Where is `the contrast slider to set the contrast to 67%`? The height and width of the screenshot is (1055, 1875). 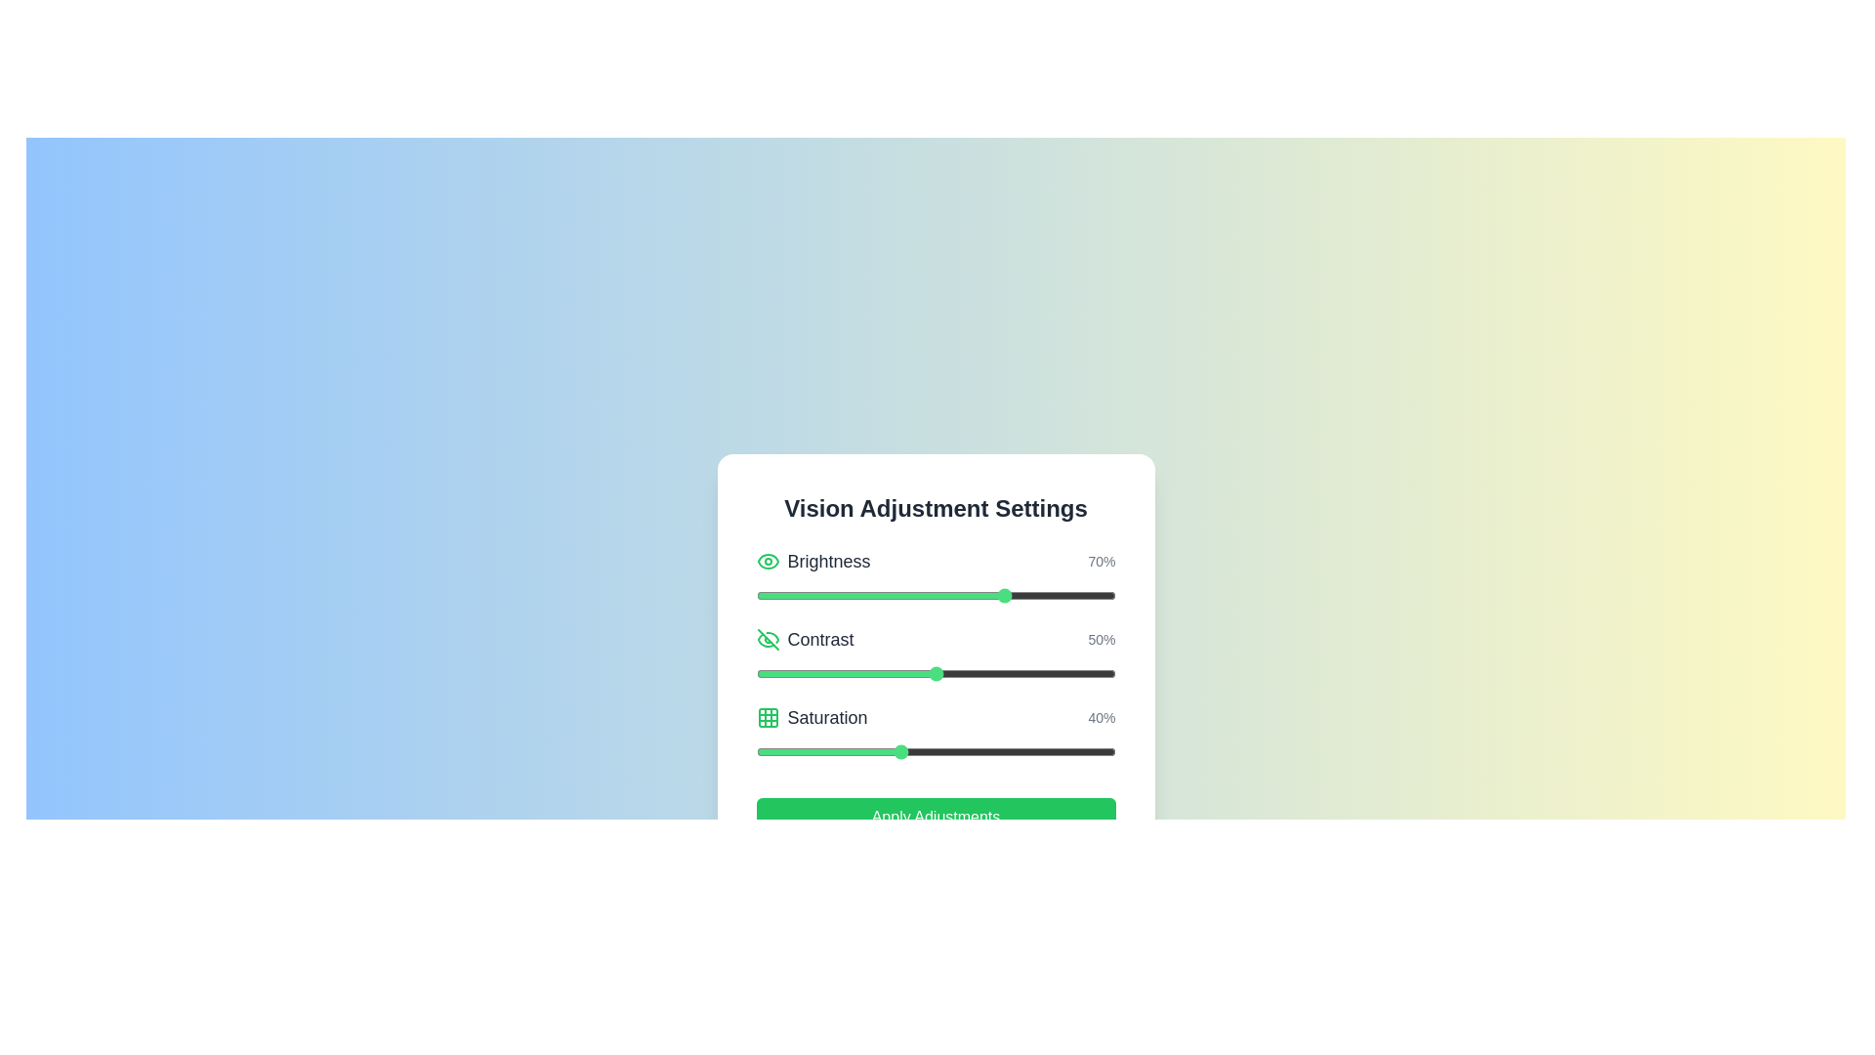 the contrast slider to set the contrast to 67% is located at coordinates (997, 673).